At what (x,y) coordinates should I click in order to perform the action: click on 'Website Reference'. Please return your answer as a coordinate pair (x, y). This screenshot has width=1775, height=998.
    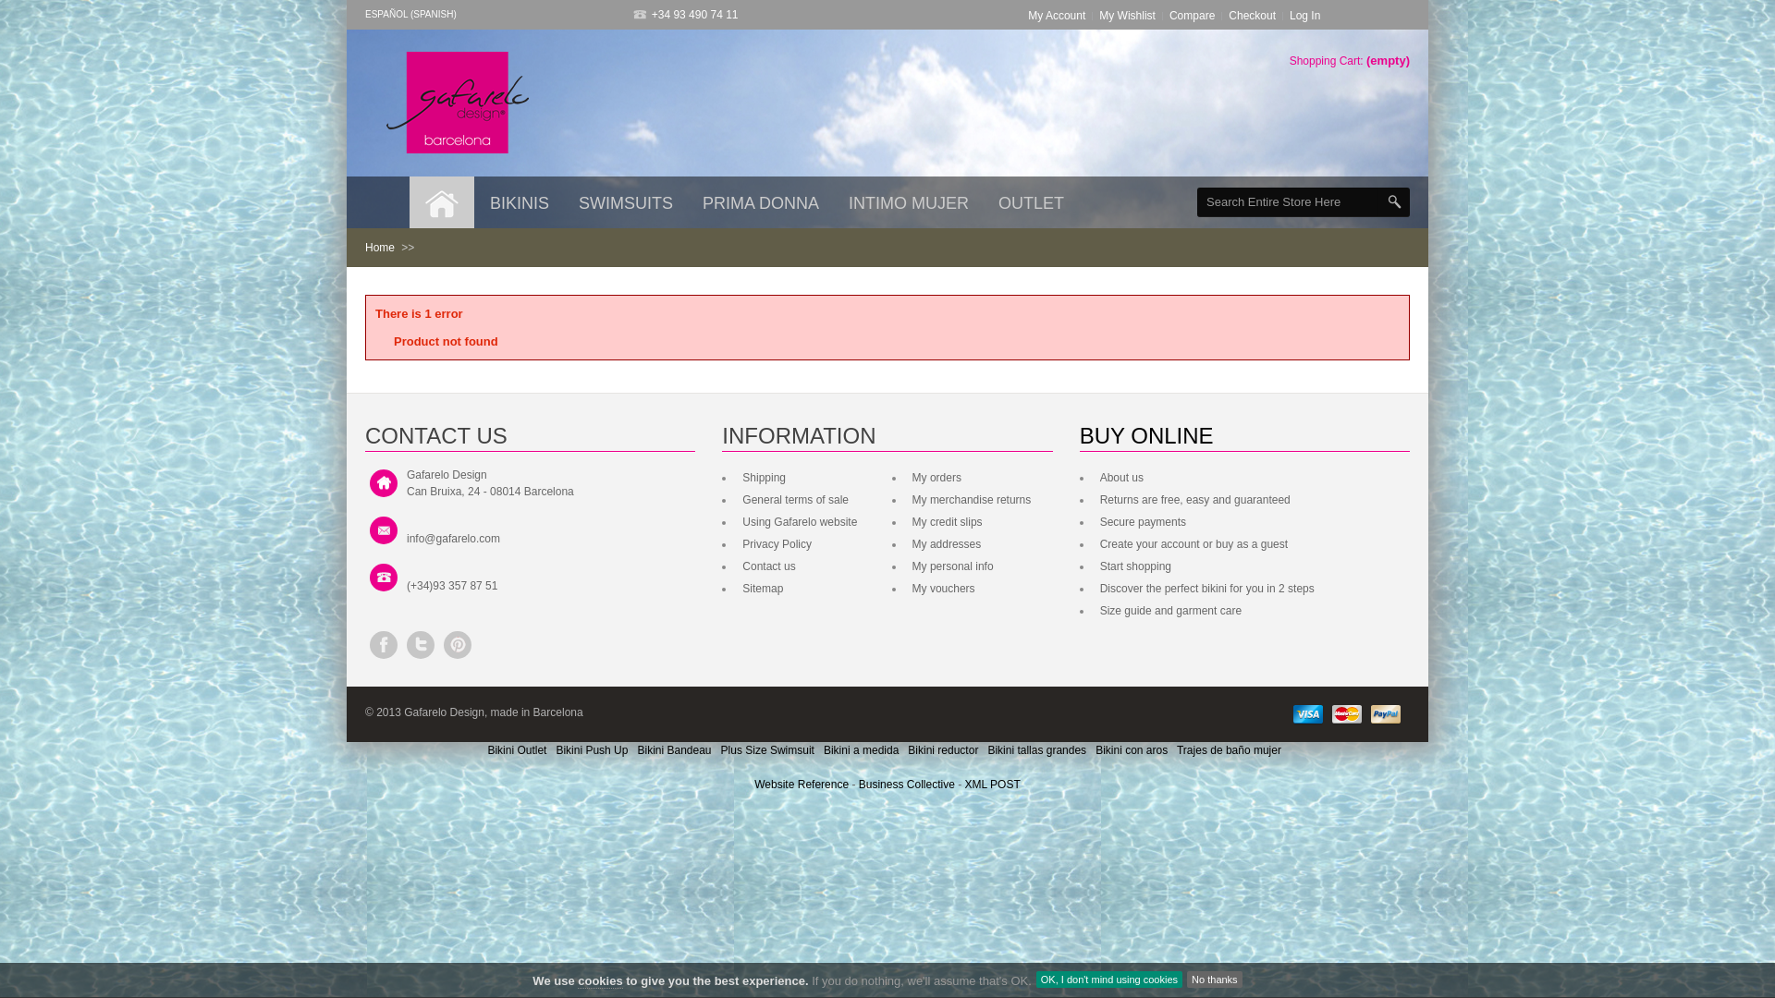
    Looking at the image, I should click on (802, 784).